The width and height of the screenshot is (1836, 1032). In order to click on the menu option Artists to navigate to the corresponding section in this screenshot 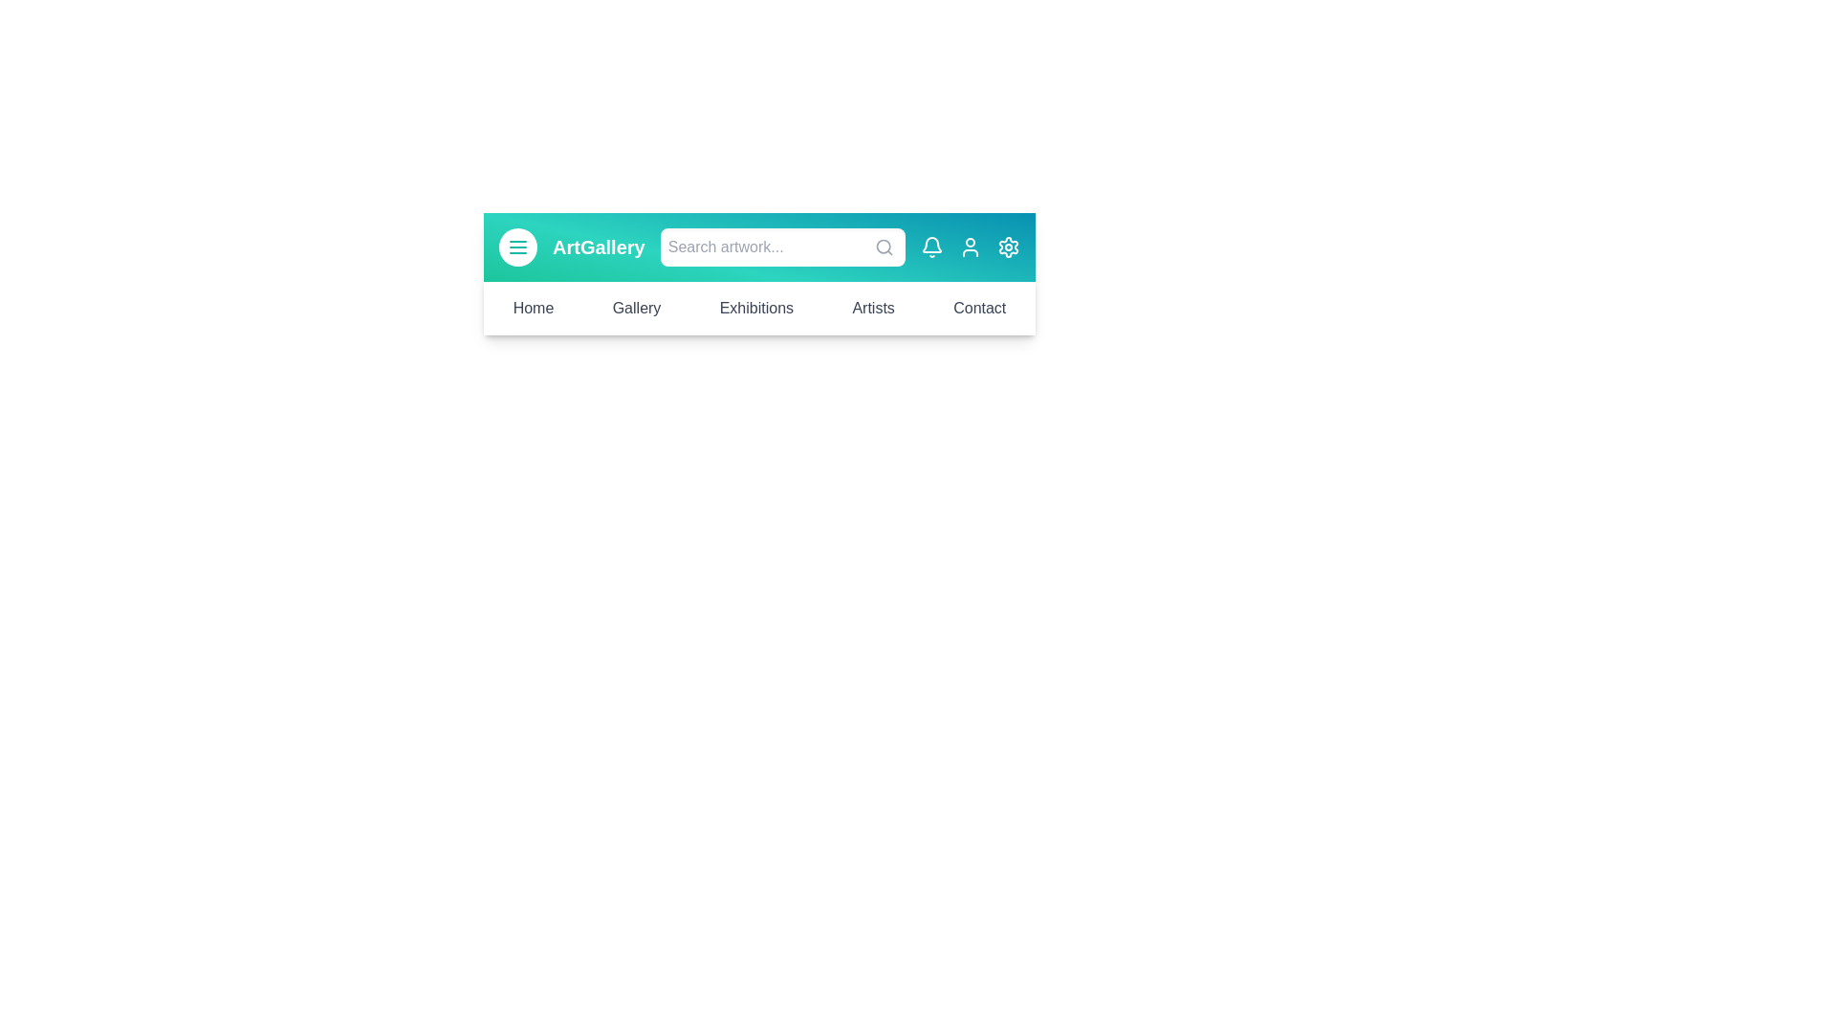, I will do `click(871, 308)`.